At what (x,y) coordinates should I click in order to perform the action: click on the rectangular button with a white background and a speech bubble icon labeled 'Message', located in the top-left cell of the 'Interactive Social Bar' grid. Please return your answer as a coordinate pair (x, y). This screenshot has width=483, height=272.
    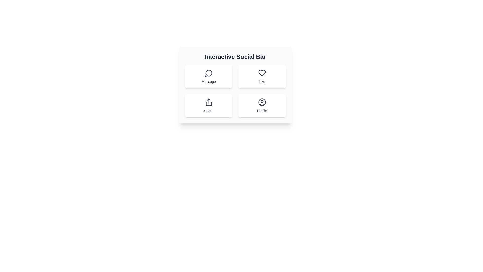
    Looking at the image, I should click on (209, 77).